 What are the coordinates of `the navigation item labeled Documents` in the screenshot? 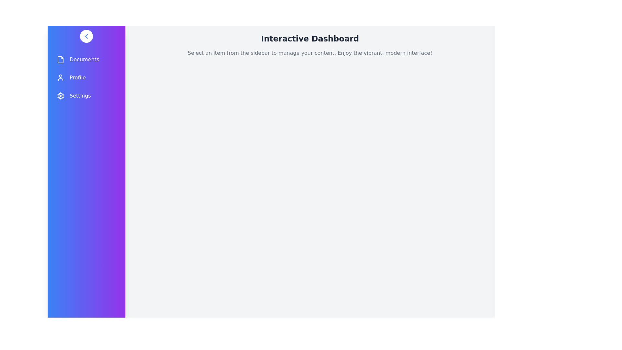 It's located at (86, 60).